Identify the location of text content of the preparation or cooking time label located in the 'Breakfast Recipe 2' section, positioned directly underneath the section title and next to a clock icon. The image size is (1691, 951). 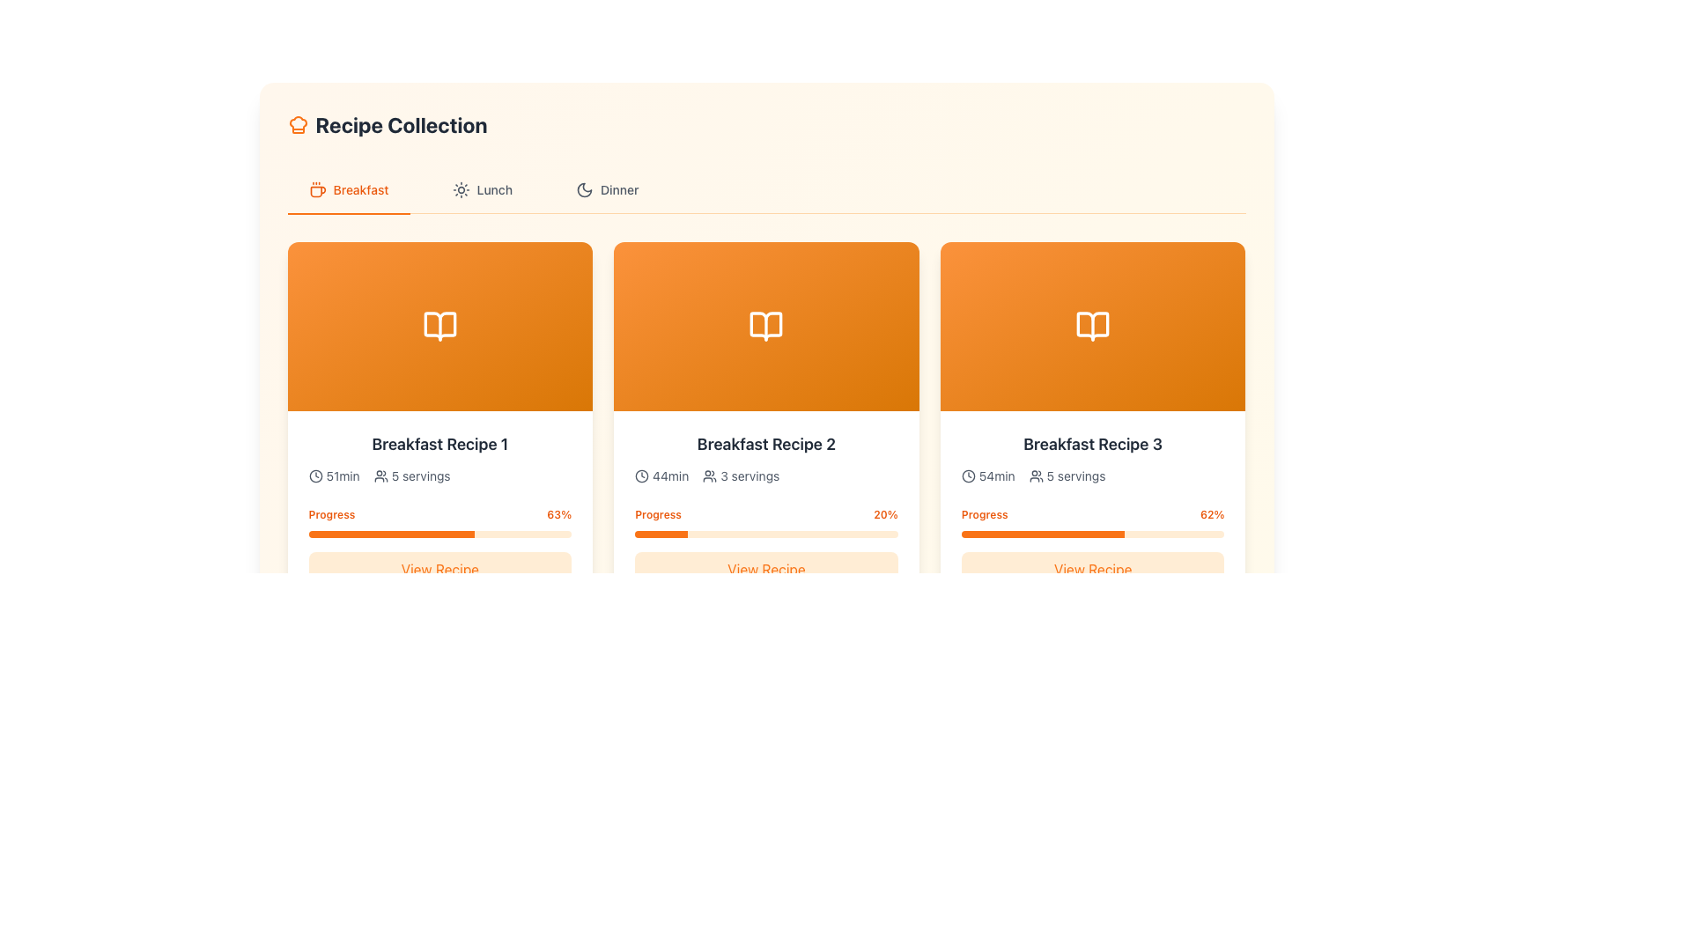
(669, 475).